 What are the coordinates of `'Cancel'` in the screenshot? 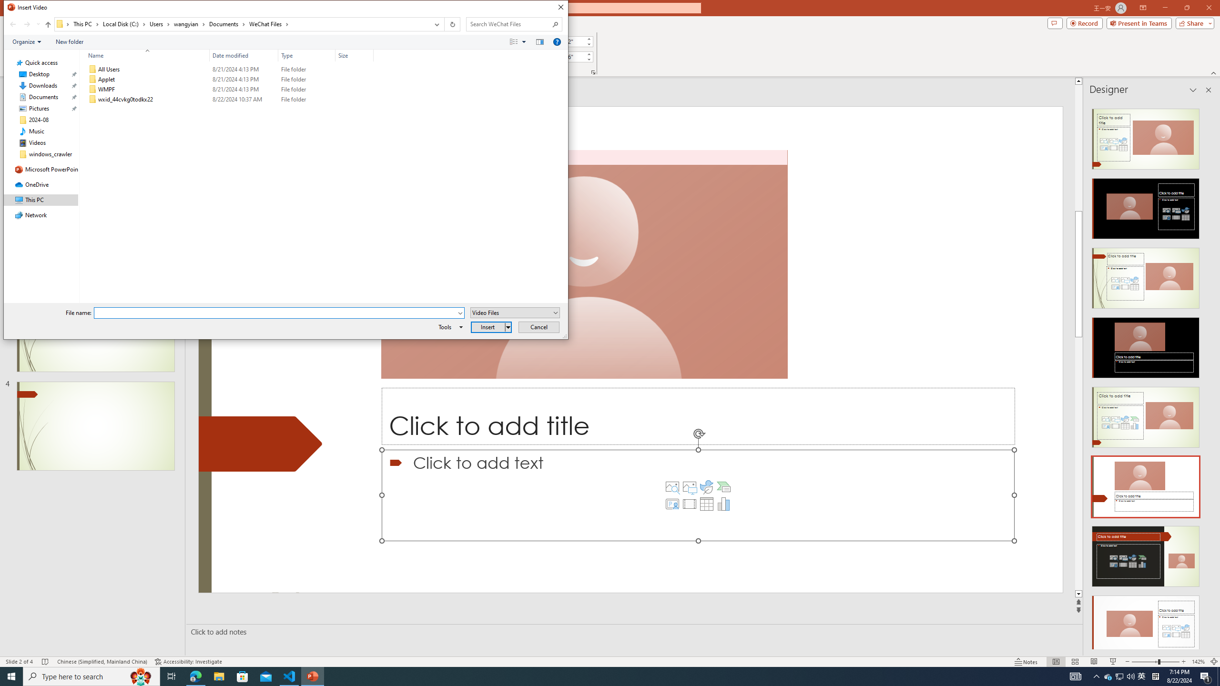 It's located at (539, 326).